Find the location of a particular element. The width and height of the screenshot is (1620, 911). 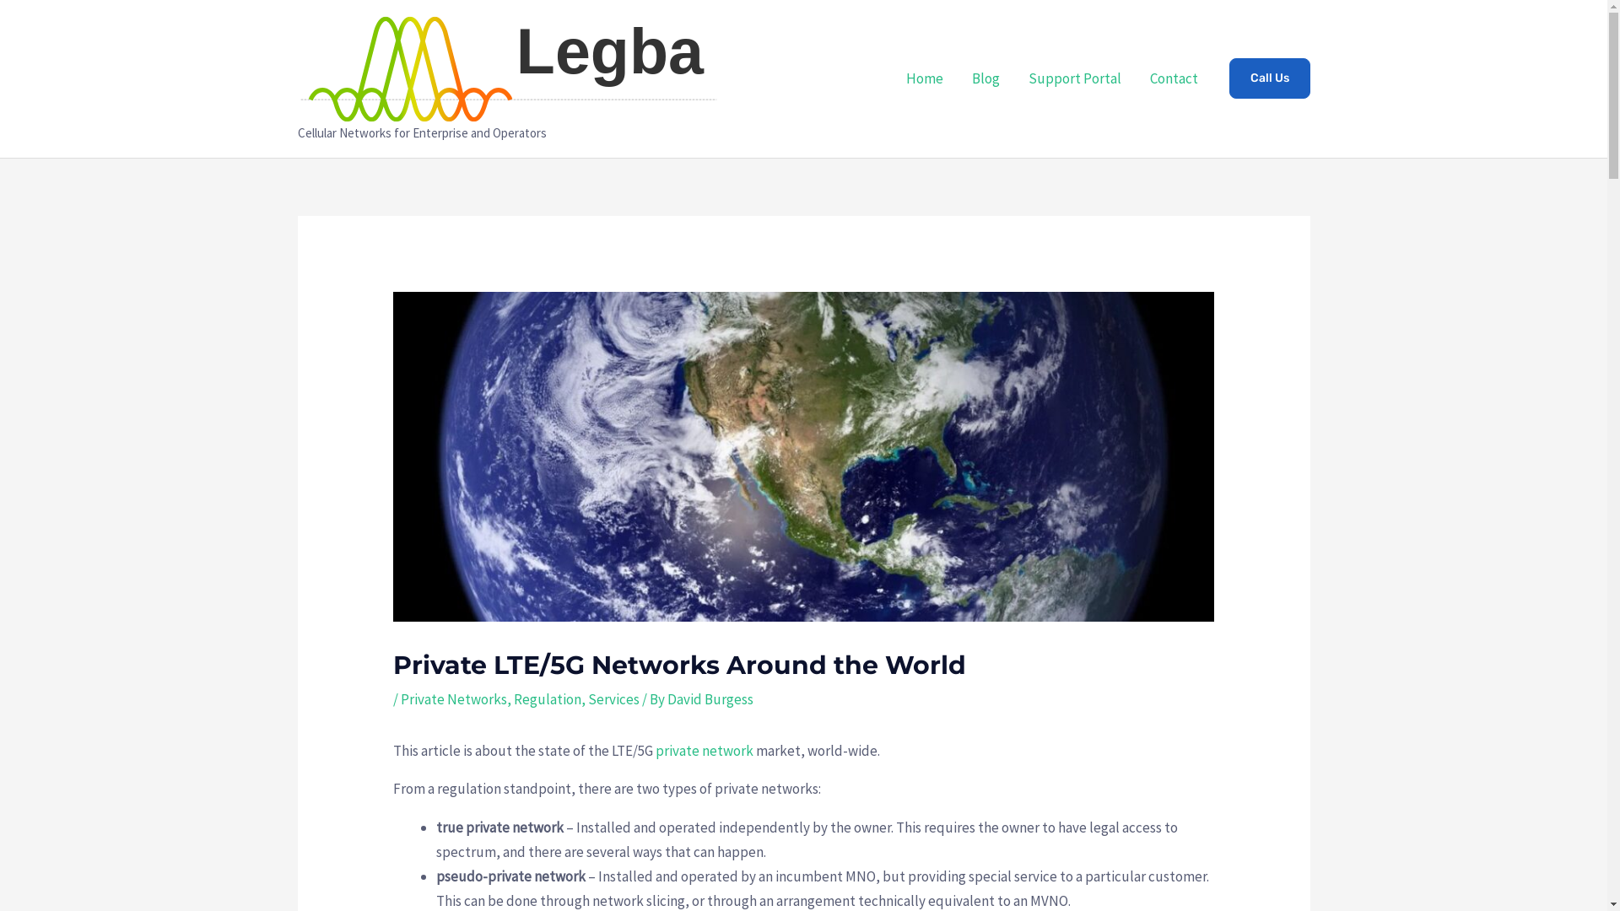

'Blog' is located at coordinates (985, 78).